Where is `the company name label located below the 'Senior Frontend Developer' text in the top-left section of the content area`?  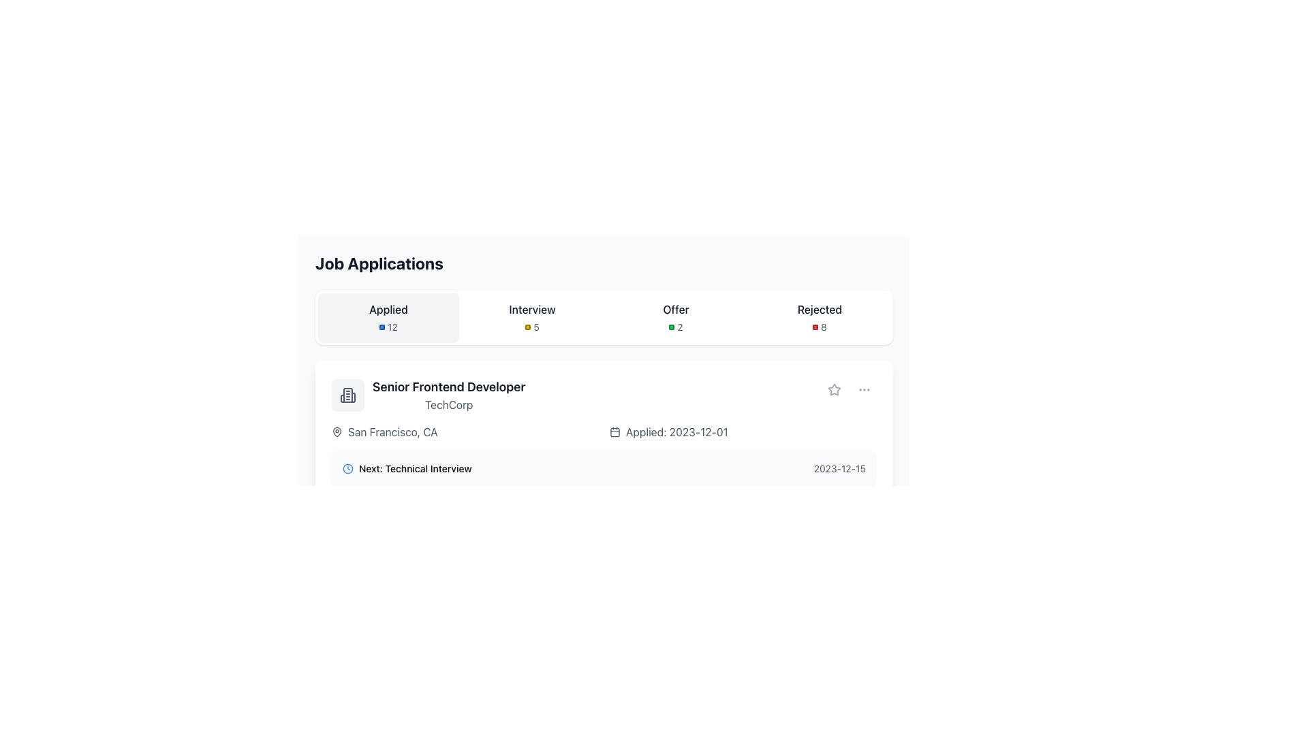 the company name label located below the 'Senior Frontend Developer' text in the top-left section of the content area is located at coordinates (449, 404).